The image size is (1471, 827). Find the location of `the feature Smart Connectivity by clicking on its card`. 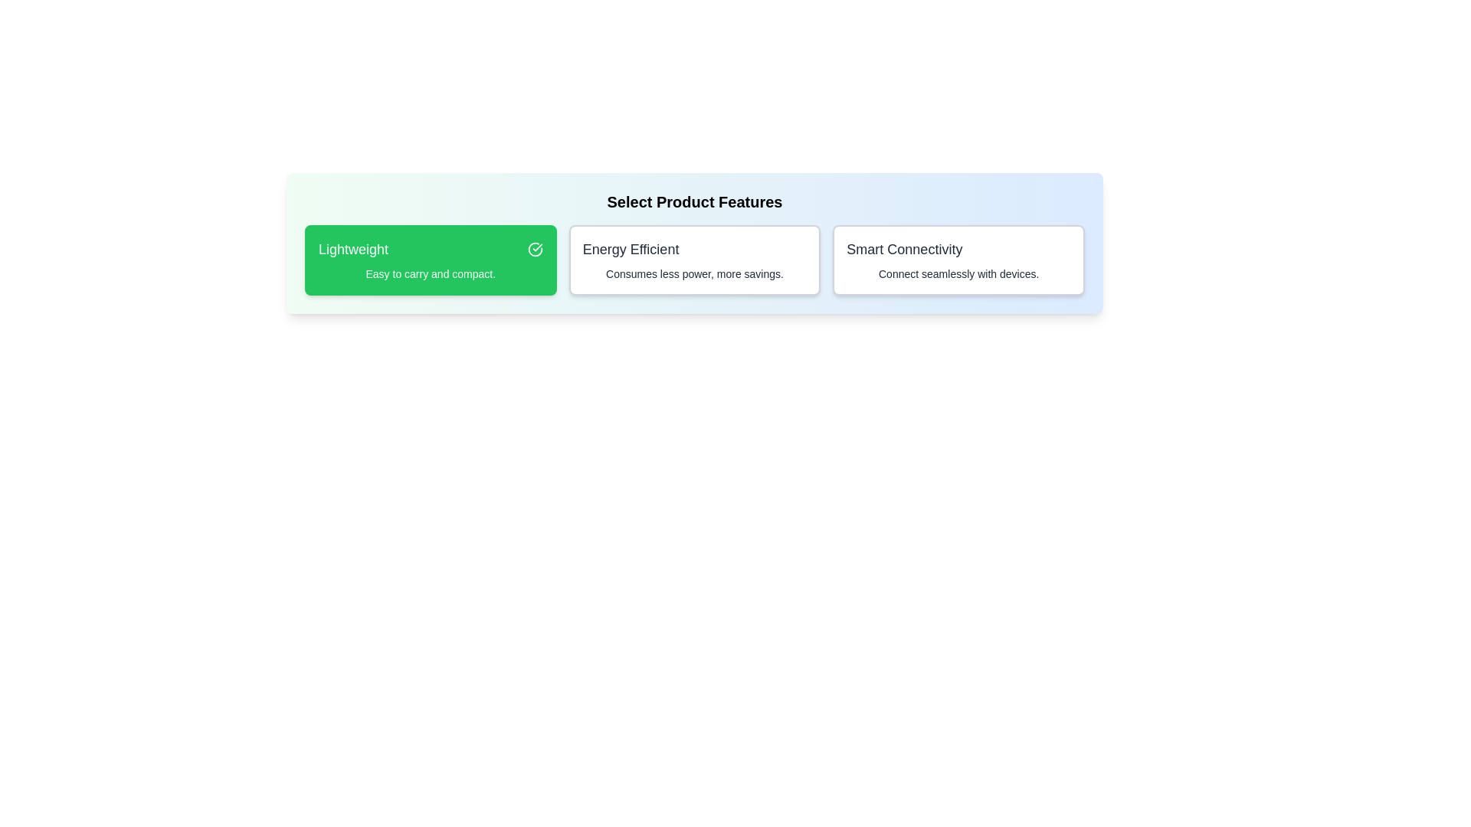

the feature Smart Connectivity by clicking on its card is located at coordinates (958, 259).